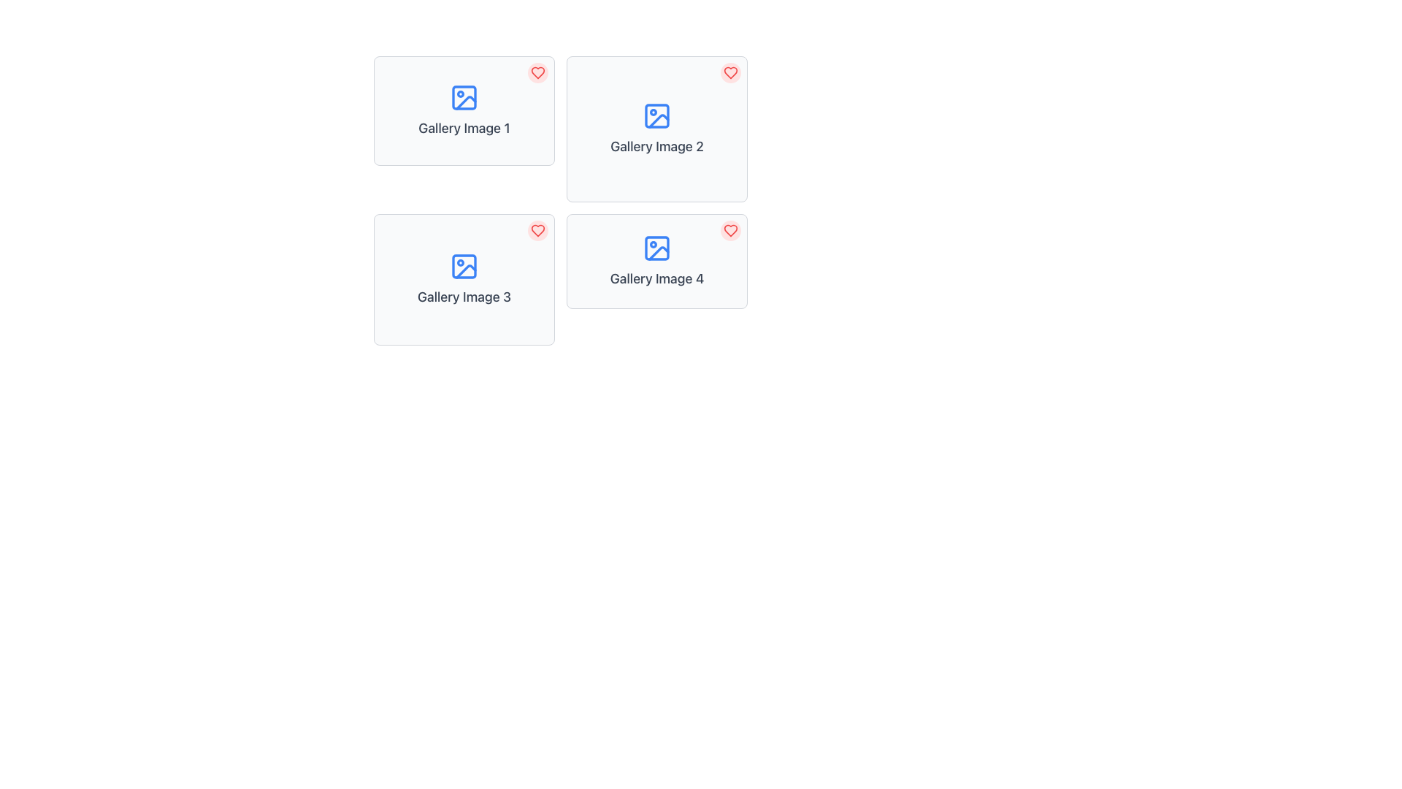  I want to click on the icon representing the image in the 'Gallery Image 2' card, located at the center of the grid card, so click(656, 115).